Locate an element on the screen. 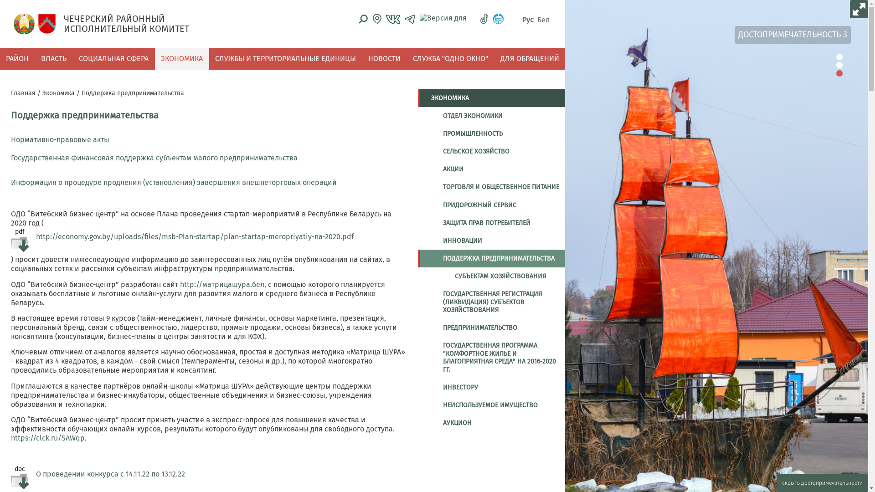 This screenshot has width=875, height=492. 'https://clck.ru/SAWqp' is located at coordinates (47, 437).